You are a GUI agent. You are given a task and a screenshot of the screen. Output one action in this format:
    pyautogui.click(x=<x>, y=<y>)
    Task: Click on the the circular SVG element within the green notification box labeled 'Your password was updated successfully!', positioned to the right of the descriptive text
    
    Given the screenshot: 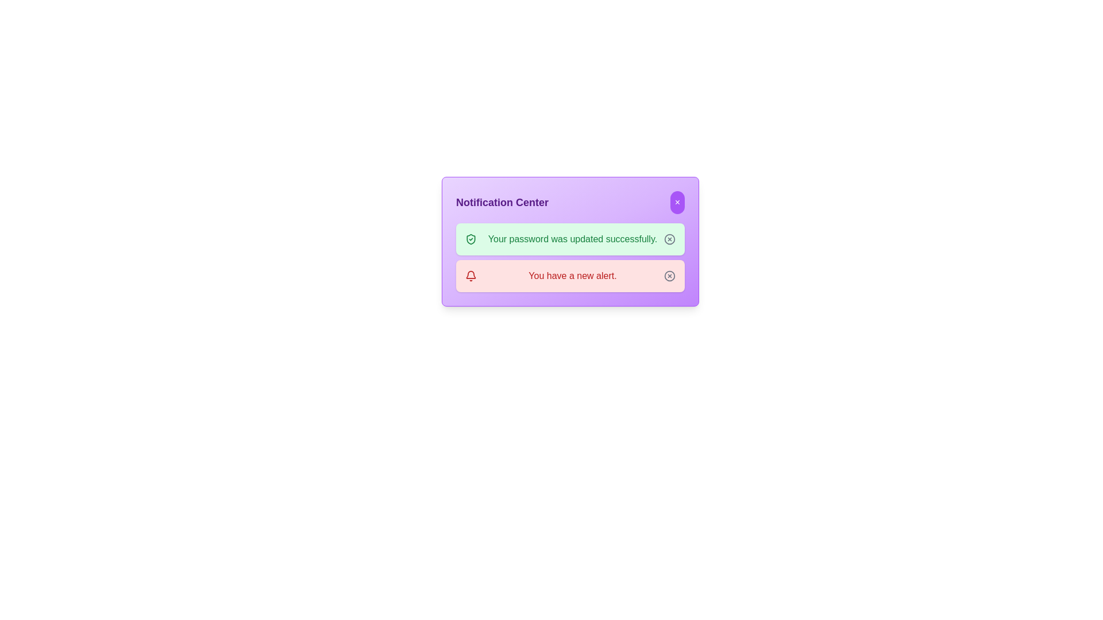 What is the action you would take?
    pyautogui.click(x=670, y=238)
    